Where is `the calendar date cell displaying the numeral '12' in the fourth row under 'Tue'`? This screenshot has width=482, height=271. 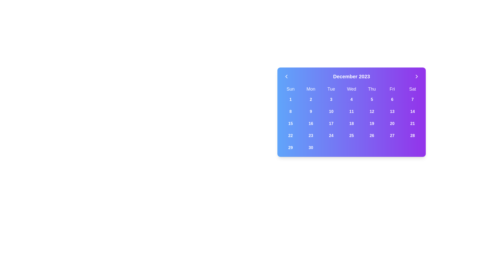
the calendar date cell displaying the numeral '12' in the fourth row under 'Tue' is located at coordinates (372, 111).